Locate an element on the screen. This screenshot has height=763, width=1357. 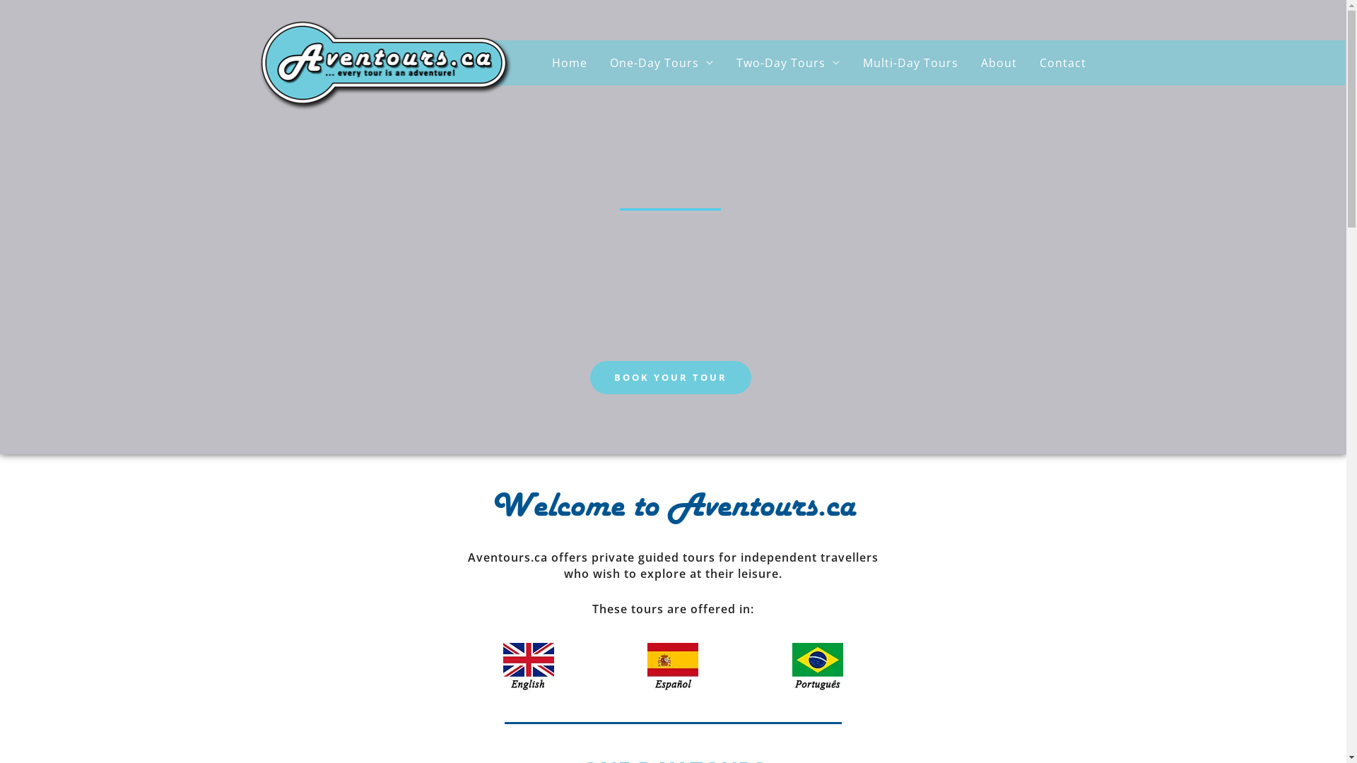
'About' is located at coordinates (969, 61).